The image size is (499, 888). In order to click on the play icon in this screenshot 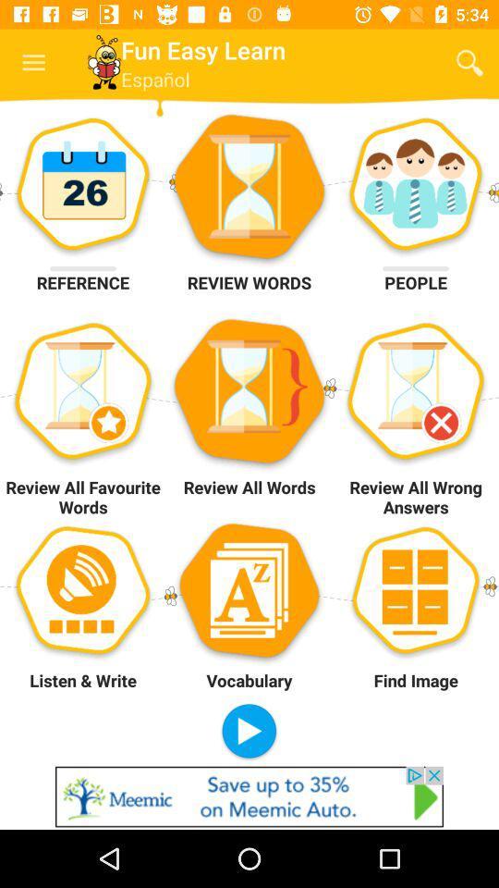, I will do `click(249, 732)`.